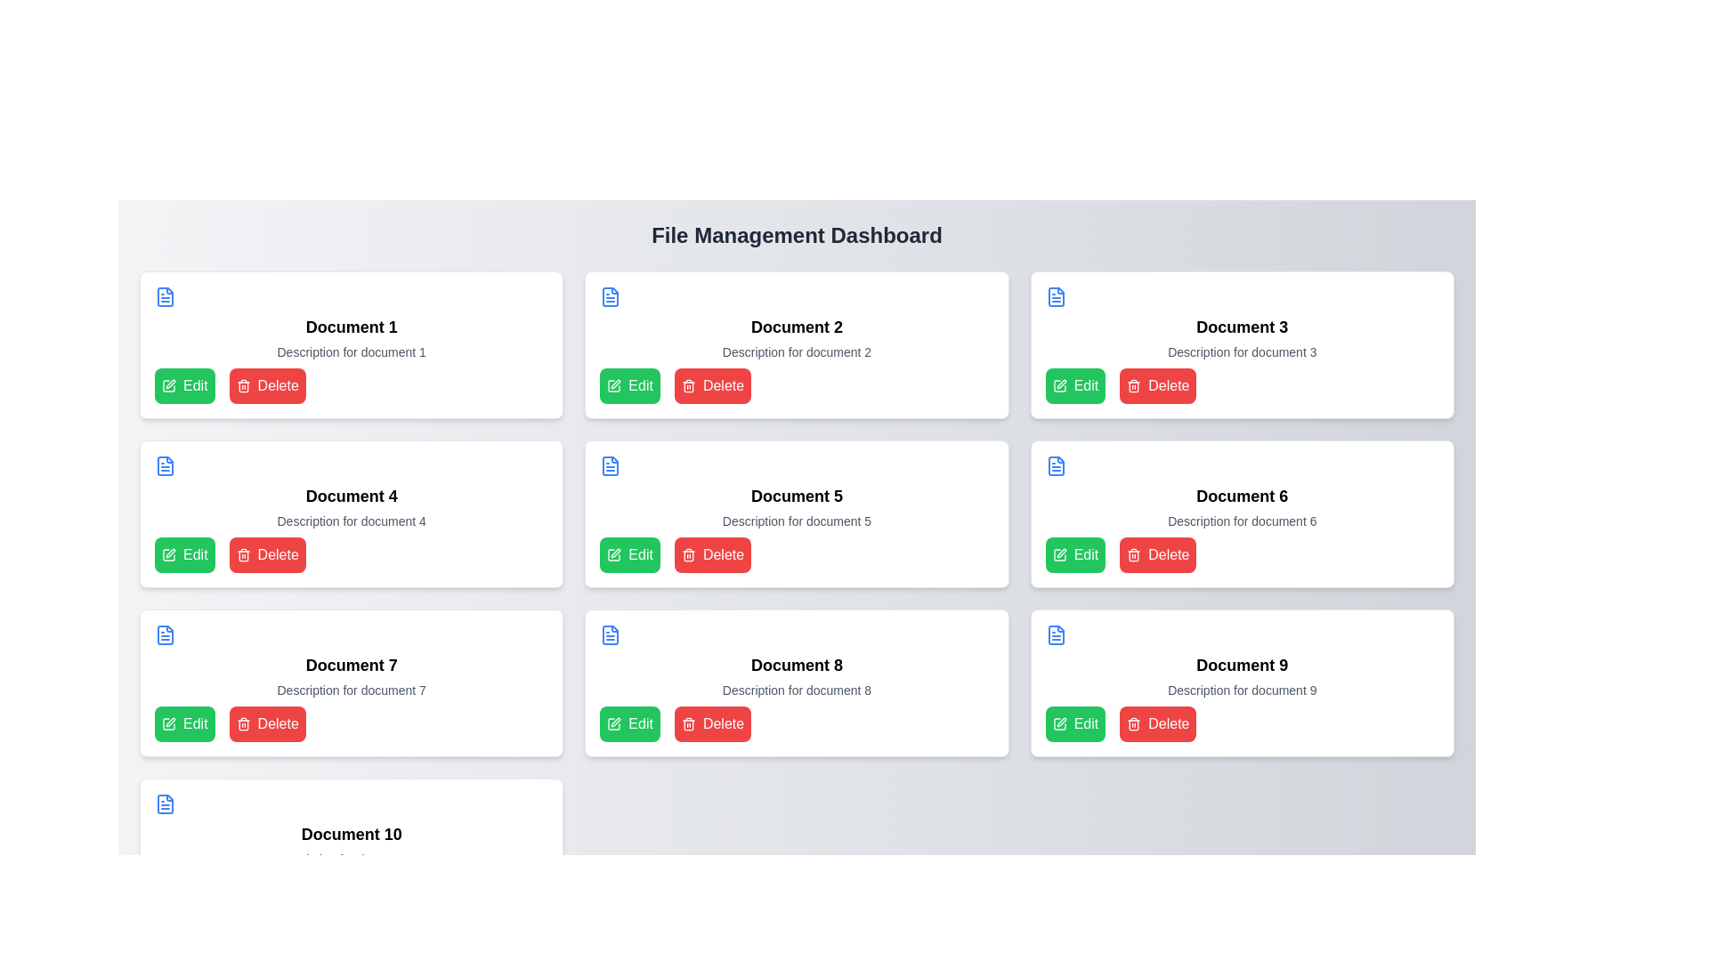 The height and width of the screenshot is (961, 1709). What do you see at coordinates (796, 497) in the screenshot?
I see `the bold text label 'Document 5' located in the center column of the second row of the grid layout` at bounding box center [796, 497].